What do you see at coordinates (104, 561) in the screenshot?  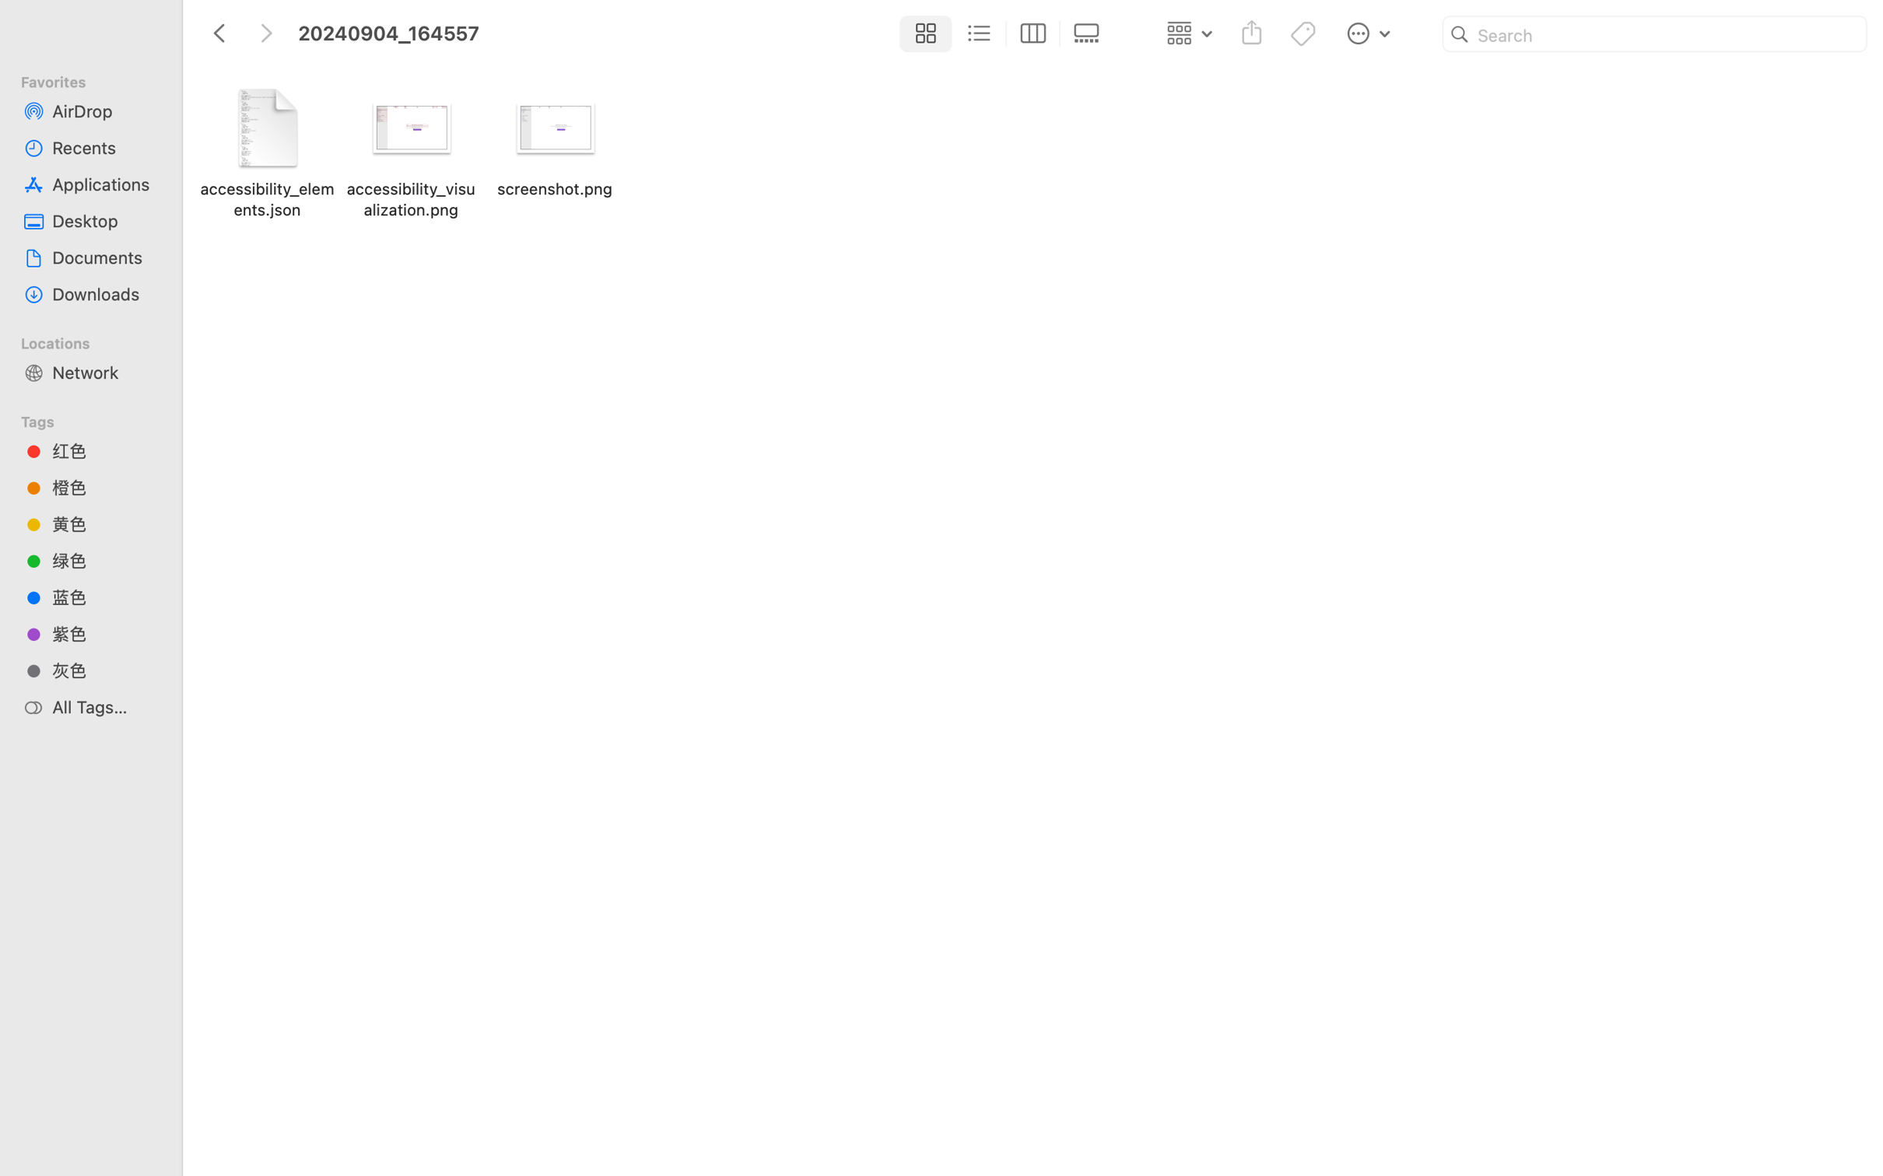 I see `'绿色'` at bounding box center [104, 561].